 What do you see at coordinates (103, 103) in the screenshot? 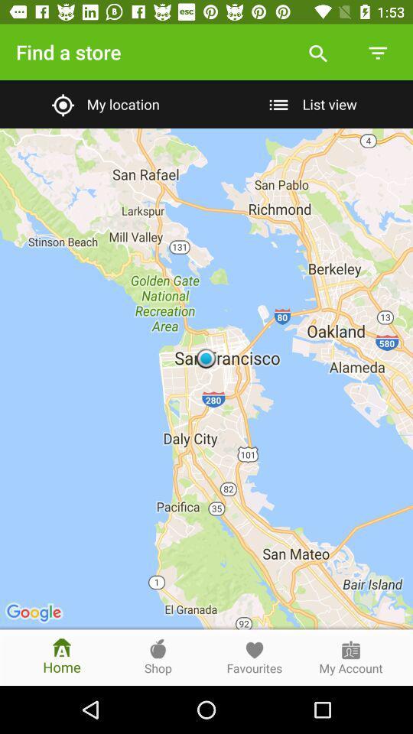
I see `the icon below find a store` at bounding box center [103, 103].